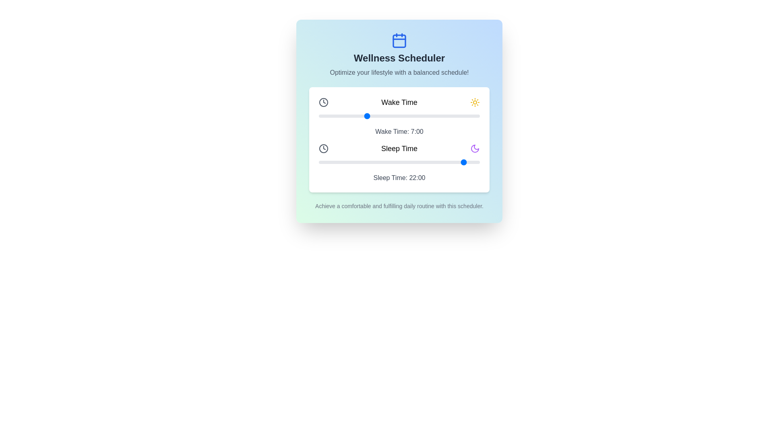 This screenshot has height=434, width=773. I want to click on the time, so click(426, 162).